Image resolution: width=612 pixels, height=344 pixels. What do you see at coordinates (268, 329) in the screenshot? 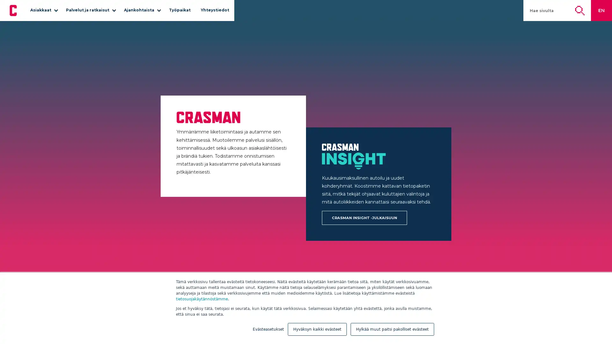
I see `Evasteasetukset` at bounding box center [268, 329].